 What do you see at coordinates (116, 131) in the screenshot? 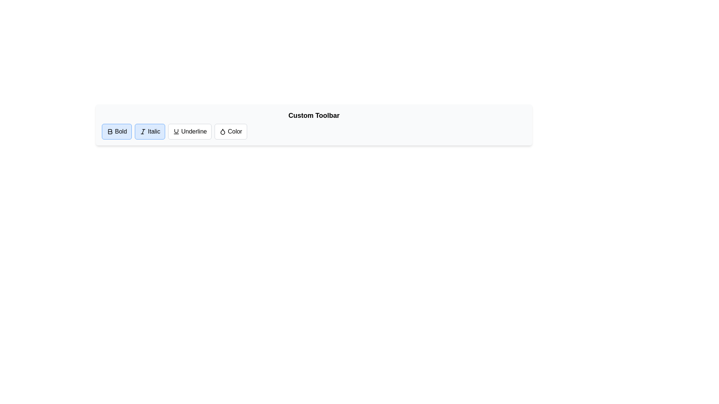
I see `the bold button, which has a light blue background, a blue border, and displays a 'B' icon followed by the text 'Bold', located at the leftmost position in the toolbar` at bounding box center [116, 131].